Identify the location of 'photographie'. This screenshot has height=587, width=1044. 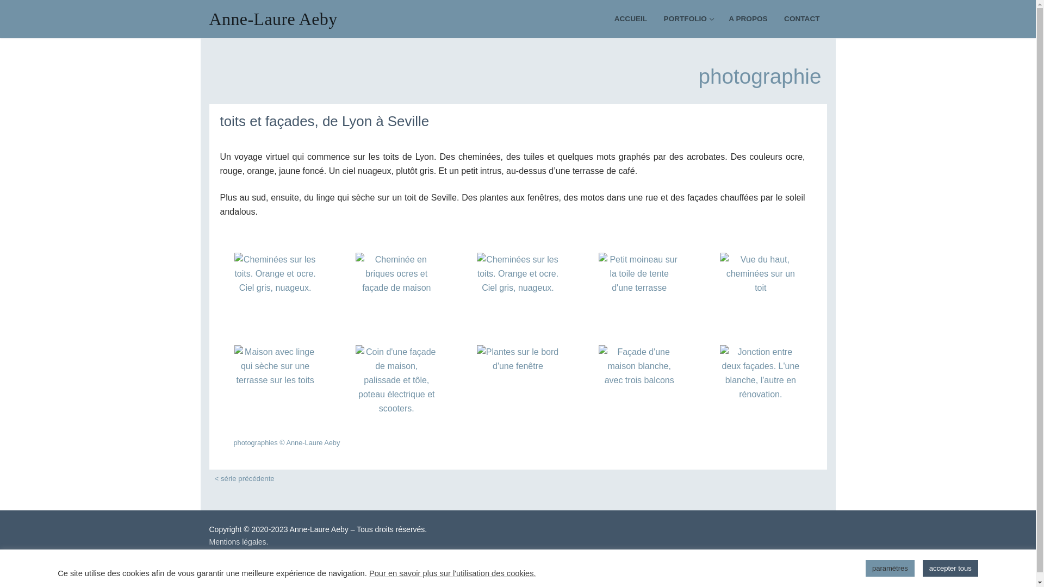
(759, 76).